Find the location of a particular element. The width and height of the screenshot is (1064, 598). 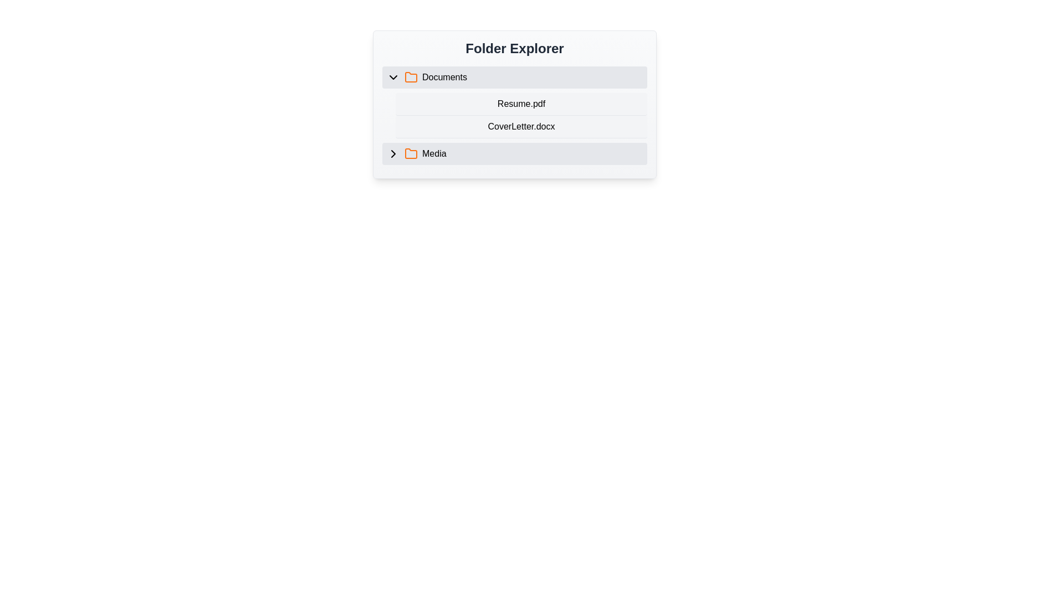

the icon or button to the left of the 'Media' label in the 'Folder Explorer' interface is located at coordinates (393, 153).